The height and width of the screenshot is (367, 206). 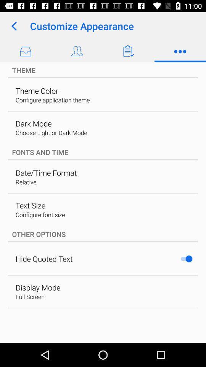 What do you see at coordinates (30, 205) in the screenshot?
I see `the icon below relative` at bounding box center [30, 205].